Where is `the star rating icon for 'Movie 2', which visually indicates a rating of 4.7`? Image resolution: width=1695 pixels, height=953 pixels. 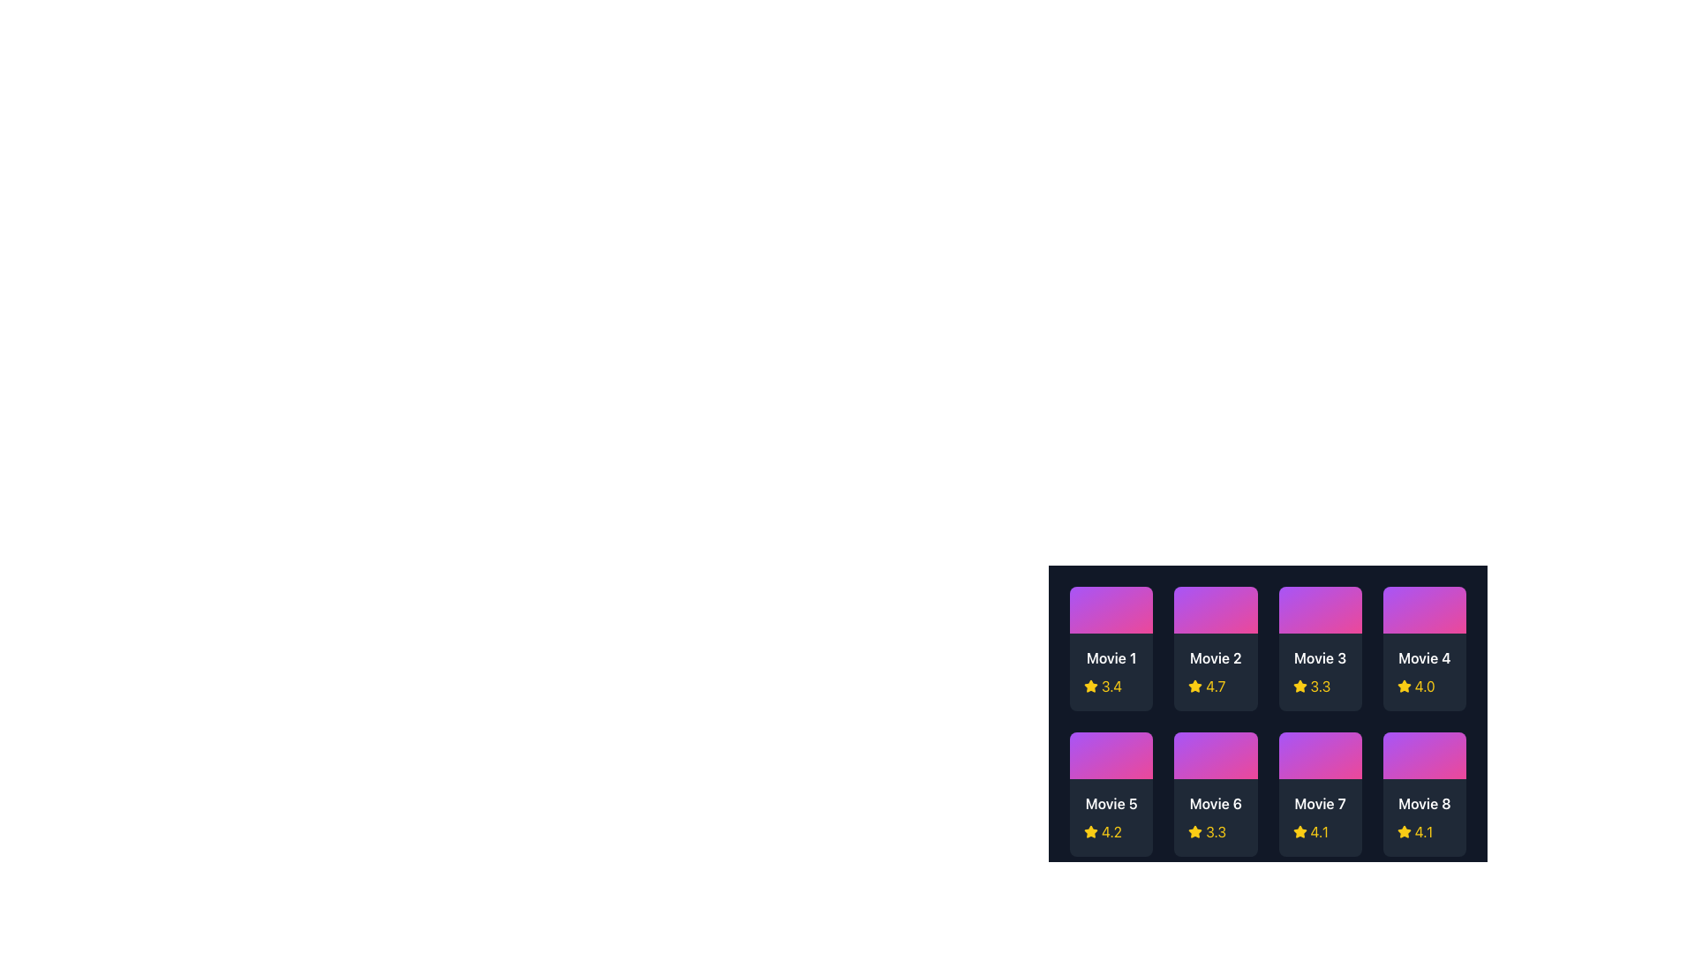
the star rating icon for 'Movie 2', which visually indicates a rating of 4.7 is located at coordinates (1195, 685).